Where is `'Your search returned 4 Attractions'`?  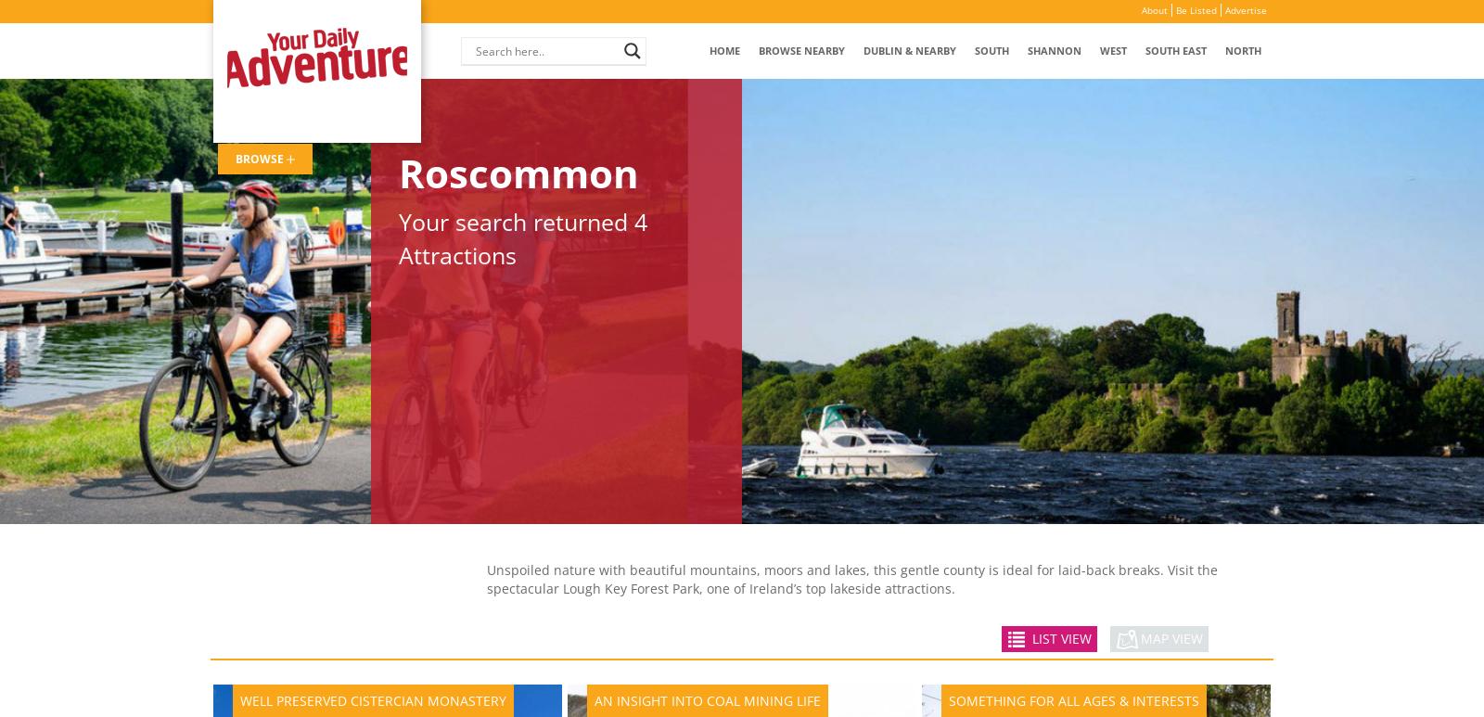 'Your search returned 4 Attractions' is located at coordinates (397, 237).